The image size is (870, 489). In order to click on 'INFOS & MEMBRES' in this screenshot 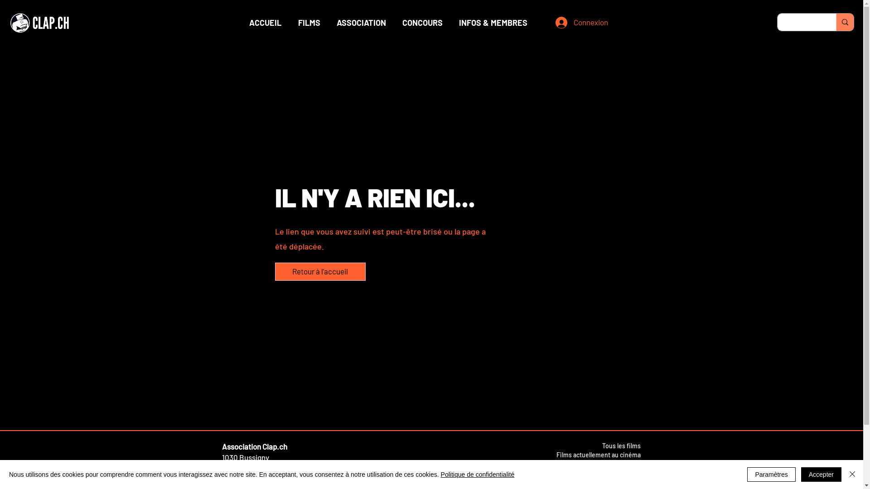, I will do `click(492, 22)`.